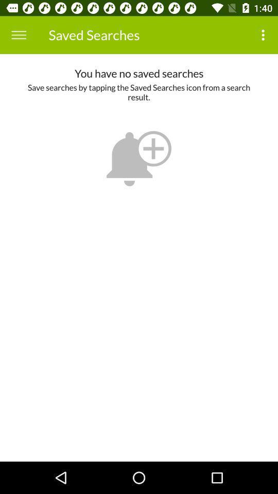 The image size is (278, 494). Describe the element at coordinates (19, 35) in the screenshot. I see `the icon to the left of saved searches` at that location.